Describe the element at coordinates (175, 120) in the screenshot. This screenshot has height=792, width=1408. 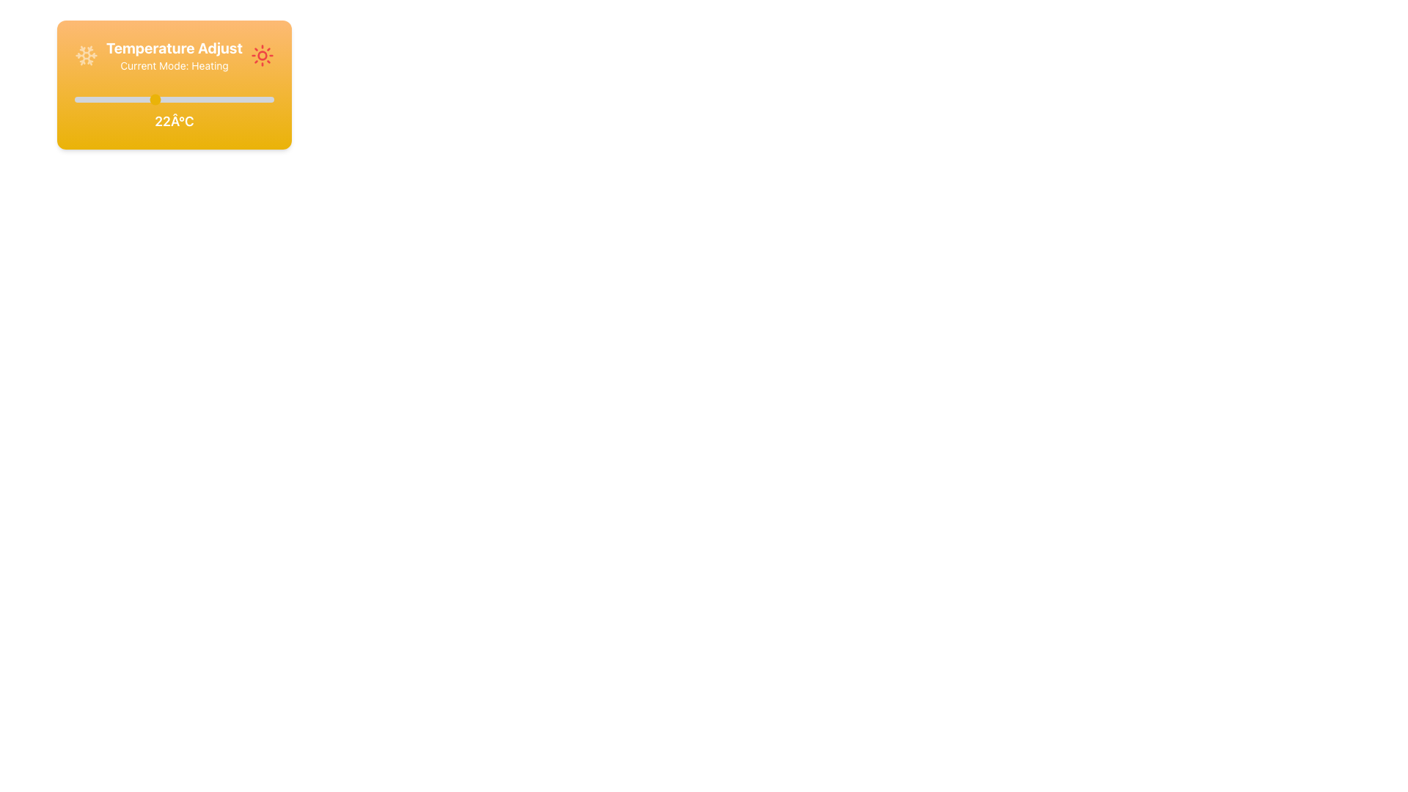
I see `the text label displaying '22Â°C' in bold and large style, which is centrally positioned below the slider control within the yellow card interface` at that location.